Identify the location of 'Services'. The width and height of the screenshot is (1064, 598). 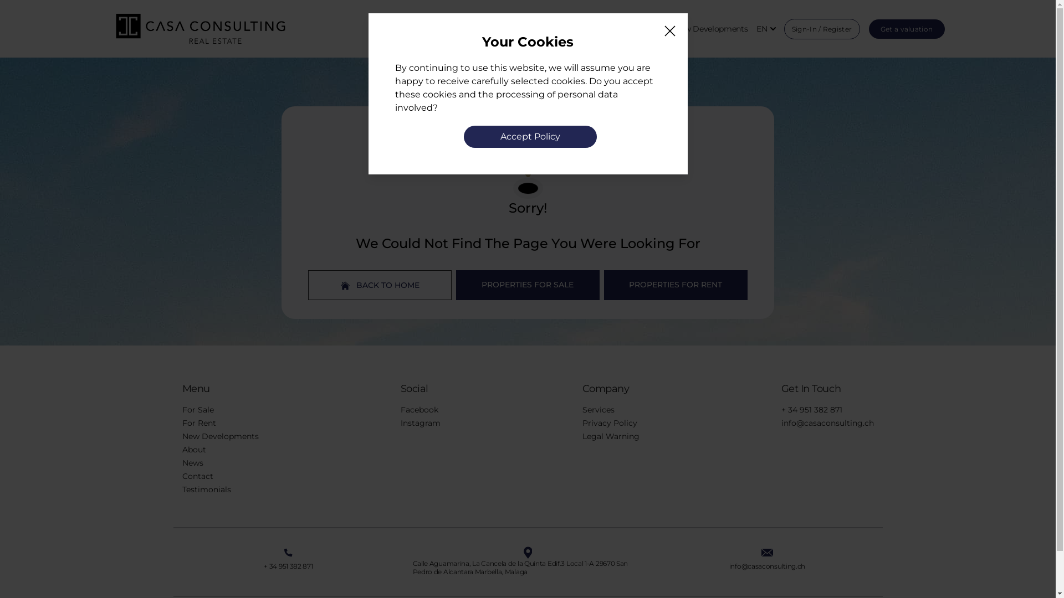
(597, 410).